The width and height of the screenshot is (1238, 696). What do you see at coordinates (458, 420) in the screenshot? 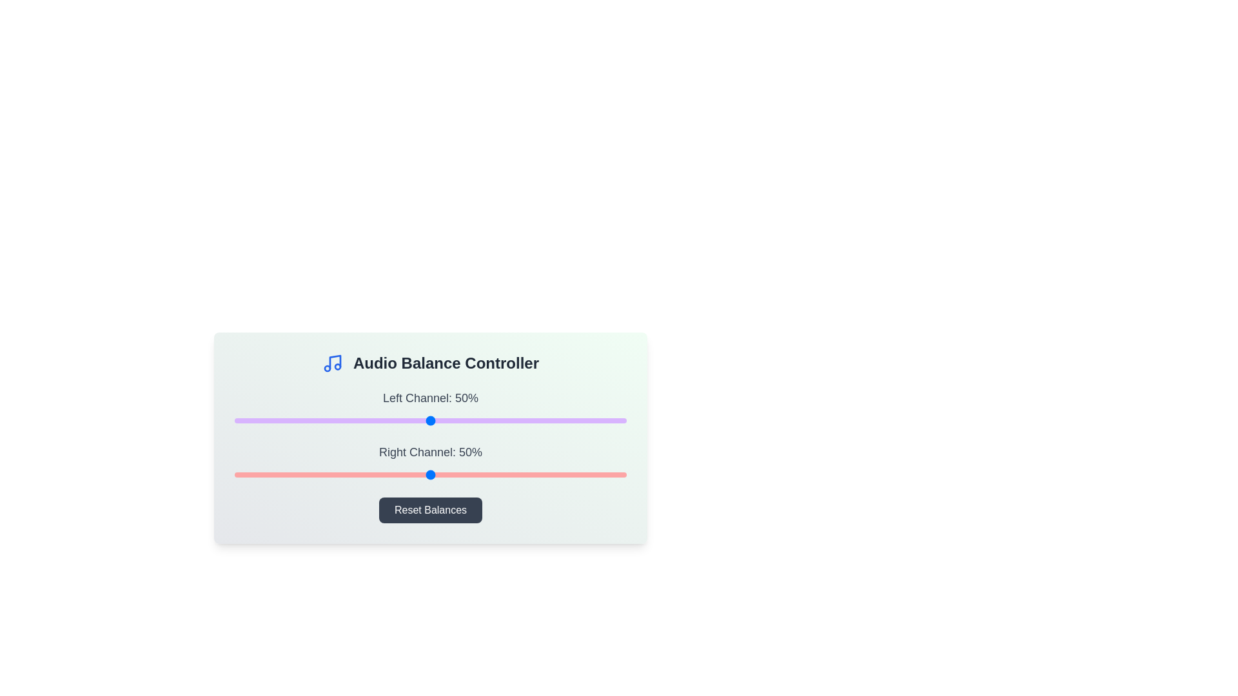
I see `the left audio channel balance to 57% using the slider` at bounding box center [458, 420].